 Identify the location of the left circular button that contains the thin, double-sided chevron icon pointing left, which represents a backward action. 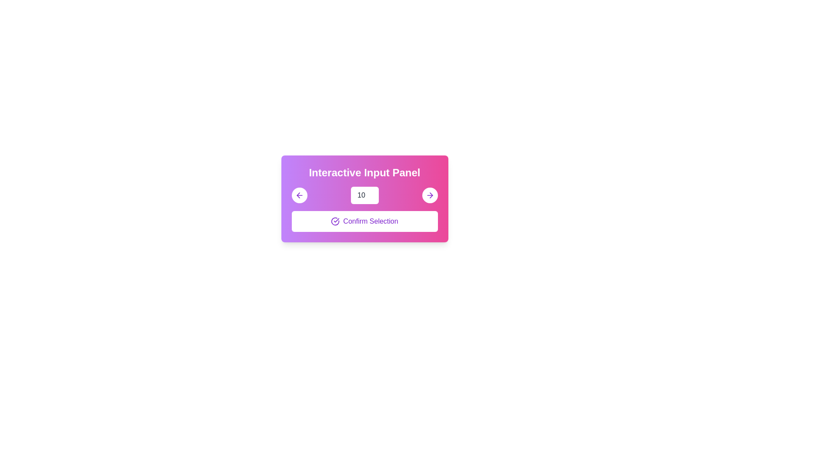
(298, 195).